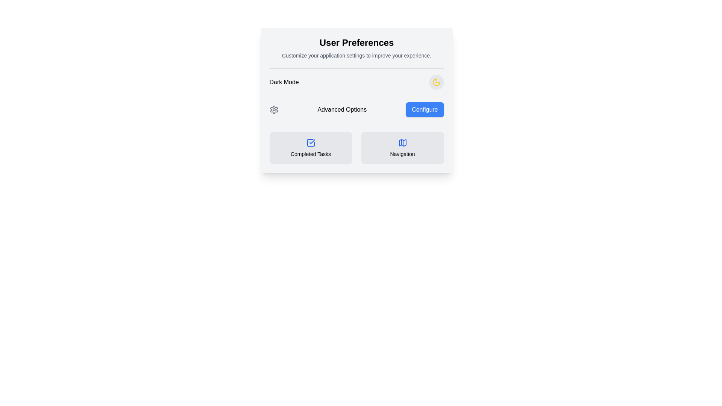 The width and height of the screenshot is (722, 406). I want to click on the static text label located in the 'User Preferences' section, which describes the functionality of the toggle to its right, so click(284, 82).